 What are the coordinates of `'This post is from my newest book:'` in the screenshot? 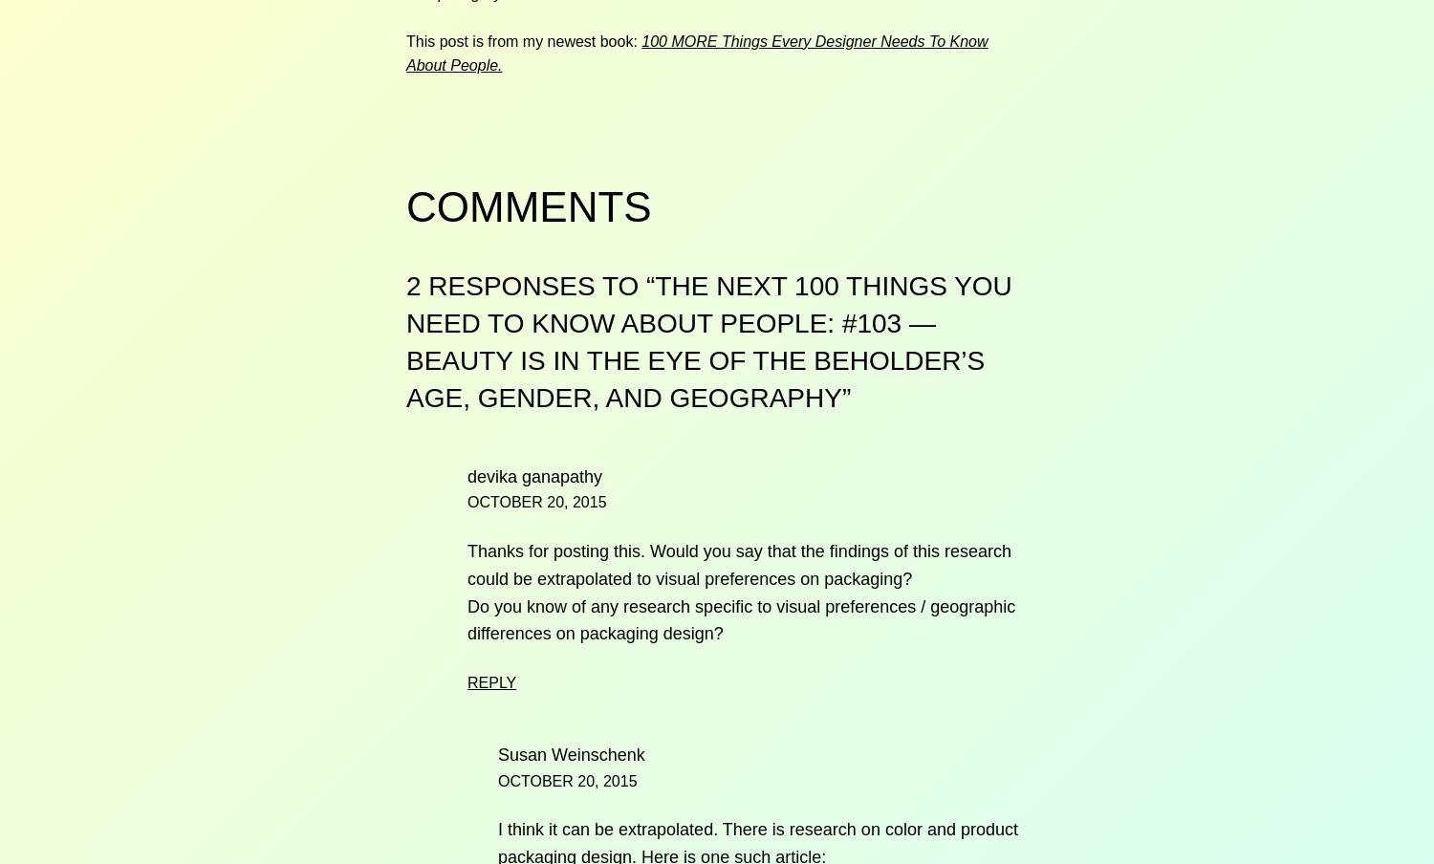 It's located at (405, 39).